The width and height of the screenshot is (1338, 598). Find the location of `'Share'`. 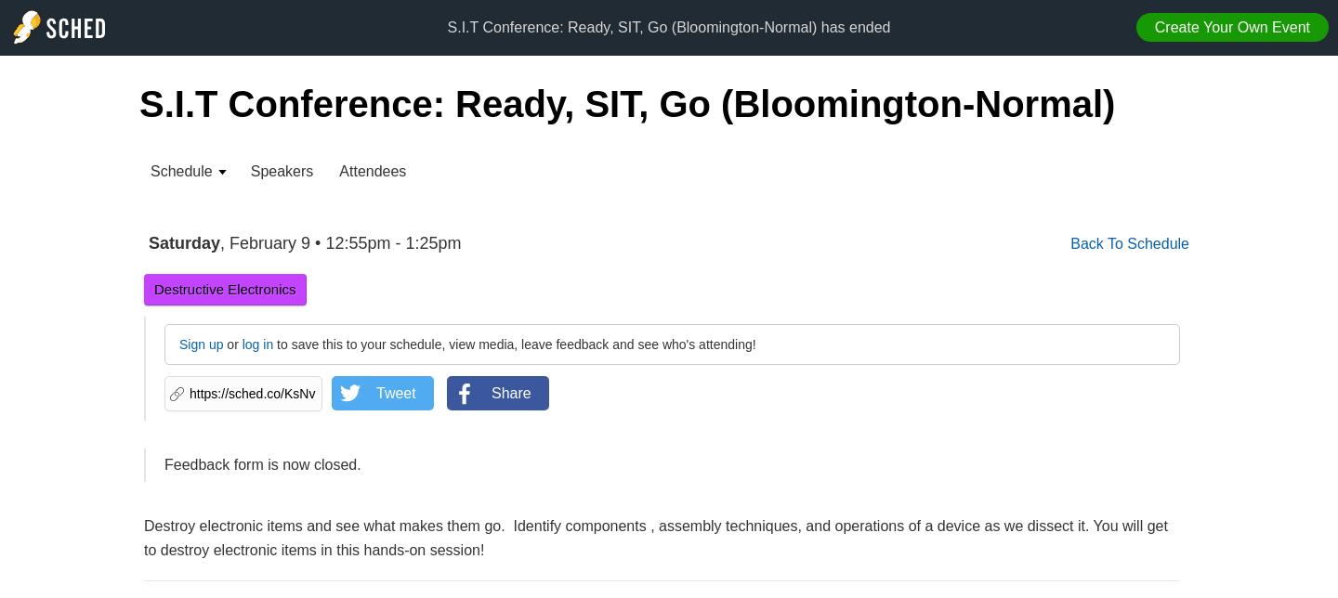

'Share' is located at coordinates (491, 393).